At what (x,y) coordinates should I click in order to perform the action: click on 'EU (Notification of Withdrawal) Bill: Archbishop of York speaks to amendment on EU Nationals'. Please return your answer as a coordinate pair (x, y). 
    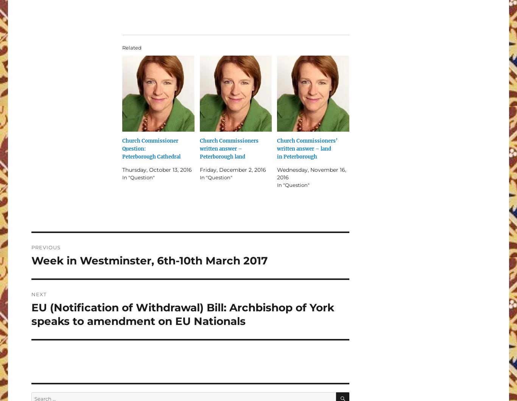
    Looking at the image, I should click on (183, 314).